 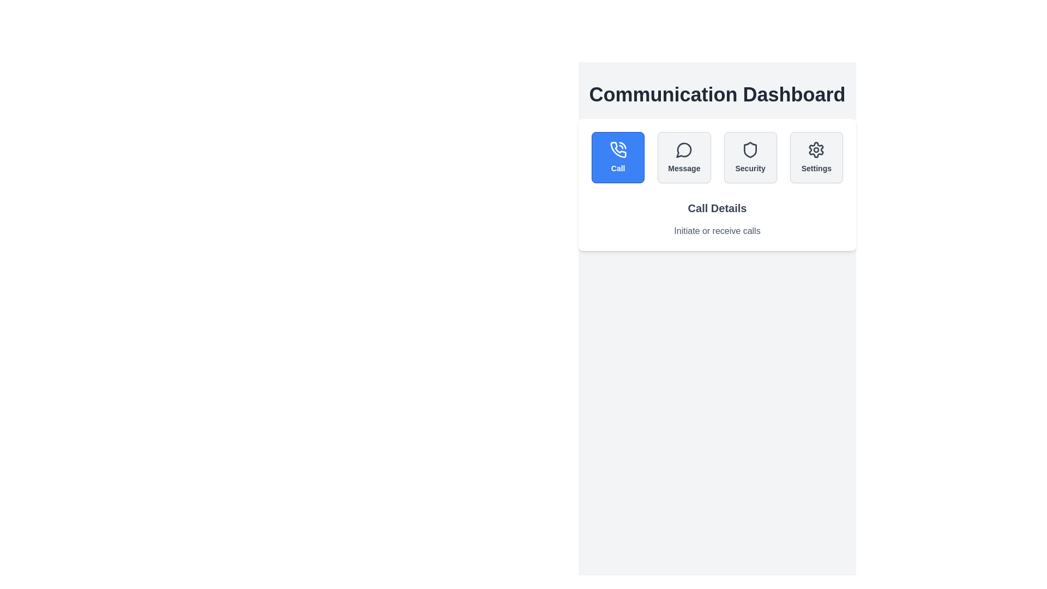 I want to click on the curved phone receiver icon located in the top-left part of the 'Call' widget group, which is part of the icon set below the 'Communication Dashboard' title, so click(x=618, y=149).